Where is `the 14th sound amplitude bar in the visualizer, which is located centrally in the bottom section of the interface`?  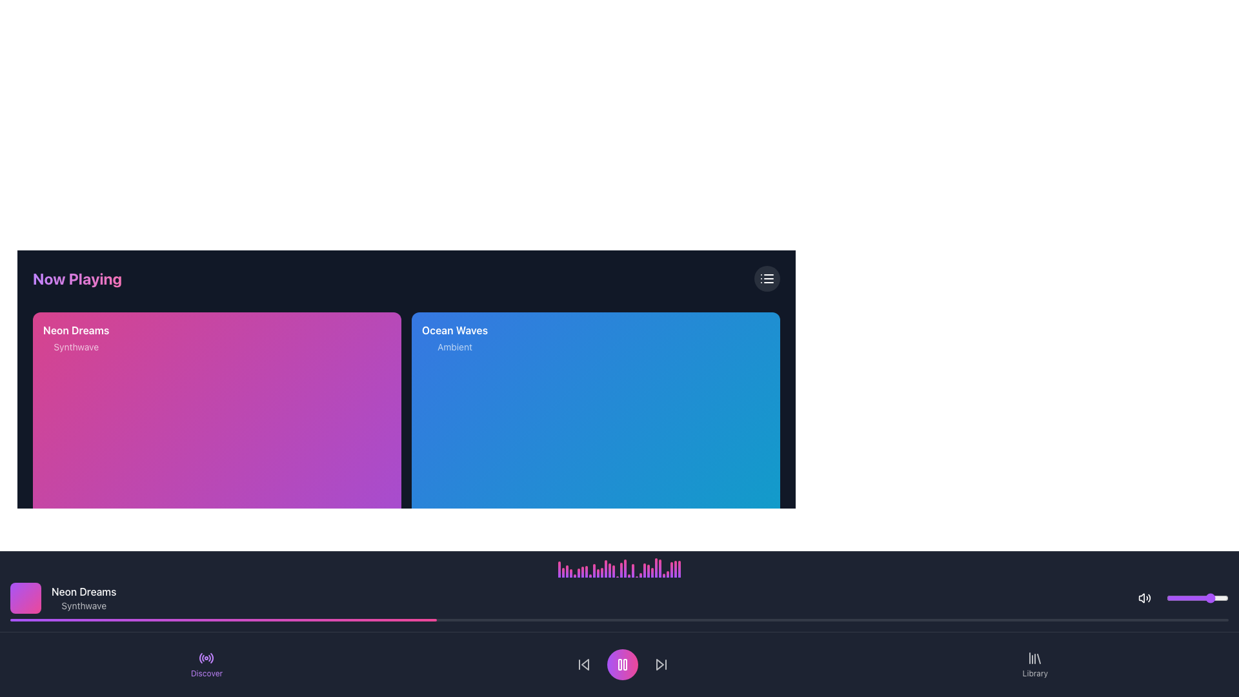
the 14th sound amplitude bar in the visualizer, which is located centrally in the bottom section of the interface is located at coordinates (609, 570).